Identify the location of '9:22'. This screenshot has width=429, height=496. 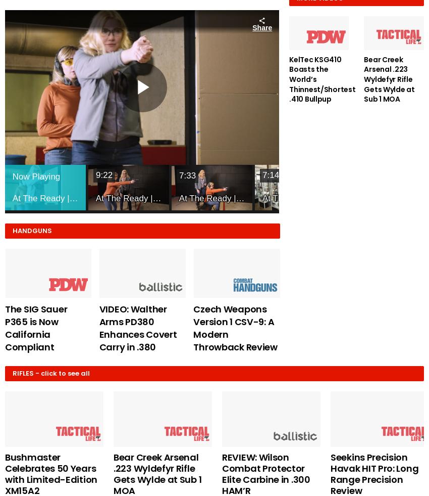
(103, 174).